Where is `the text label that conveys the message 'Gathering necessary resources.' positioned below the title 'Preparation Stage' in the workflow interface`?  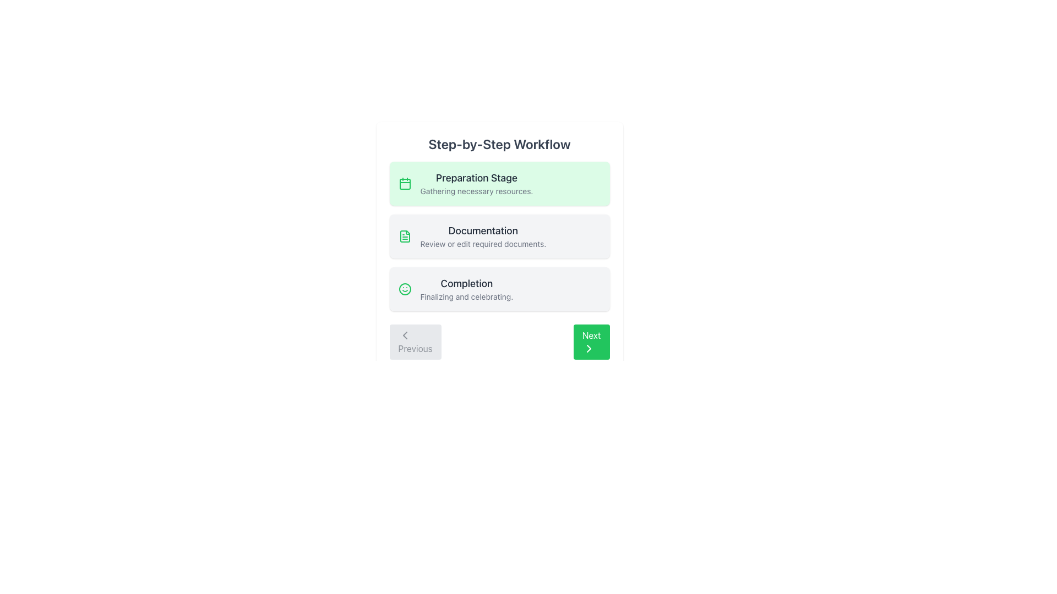 the text label that conveys the message 'Gathering necessary resources.' positioned below the title 'Preparation Stage' in the workflow interface is located at coordinates (476, 190).